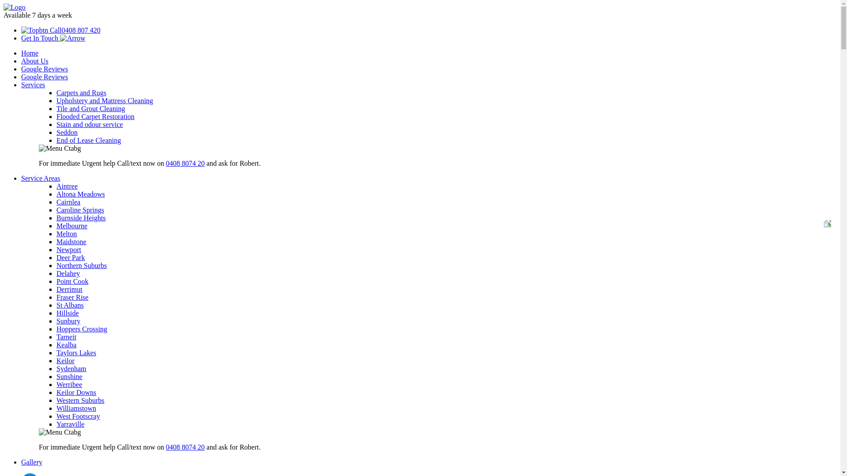  Describe the element at coordinates (21, 68) in the screenshot. I see `'Google Reviews'` at that location.